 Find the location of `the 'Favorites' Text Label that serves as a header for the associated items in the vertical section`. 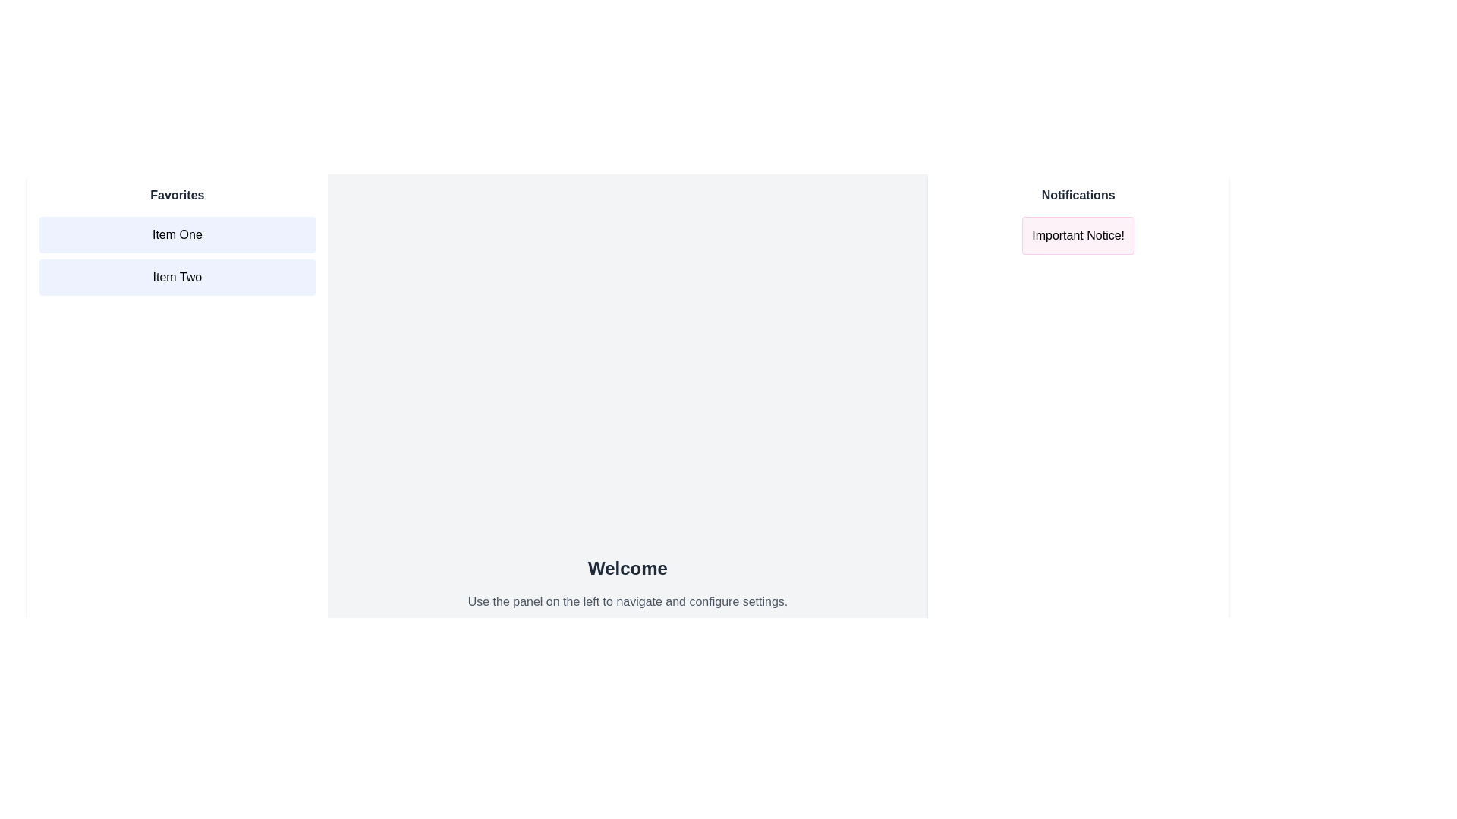

the 'Favorites' Text Label that serves as a header for the associated items in the vertical section is located at coordinates (177, 195).